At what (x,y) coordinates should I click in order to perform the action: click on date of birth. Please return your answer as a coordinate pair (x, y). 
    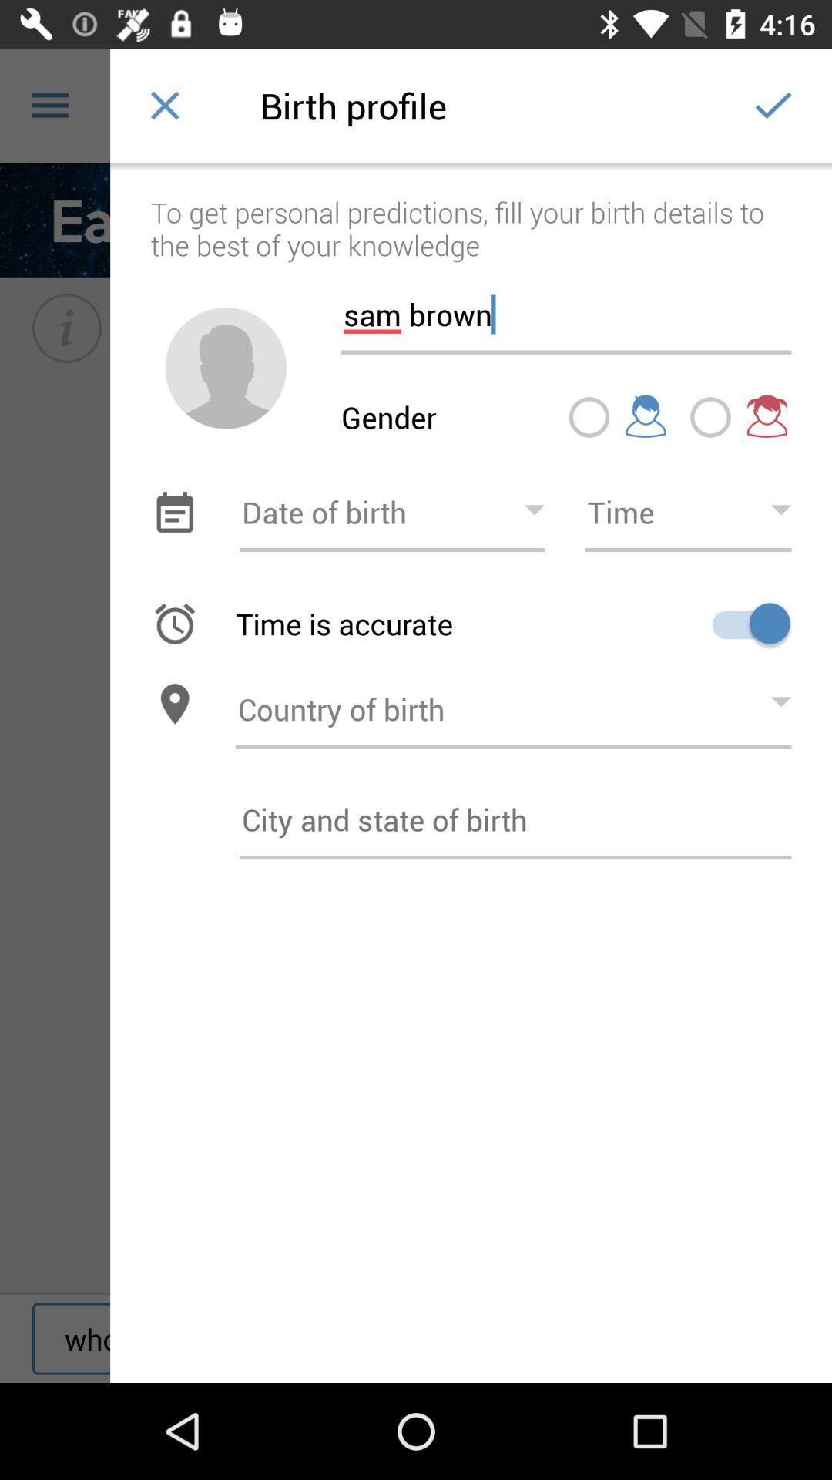
    Looking at the image, I should click on (391, 512).